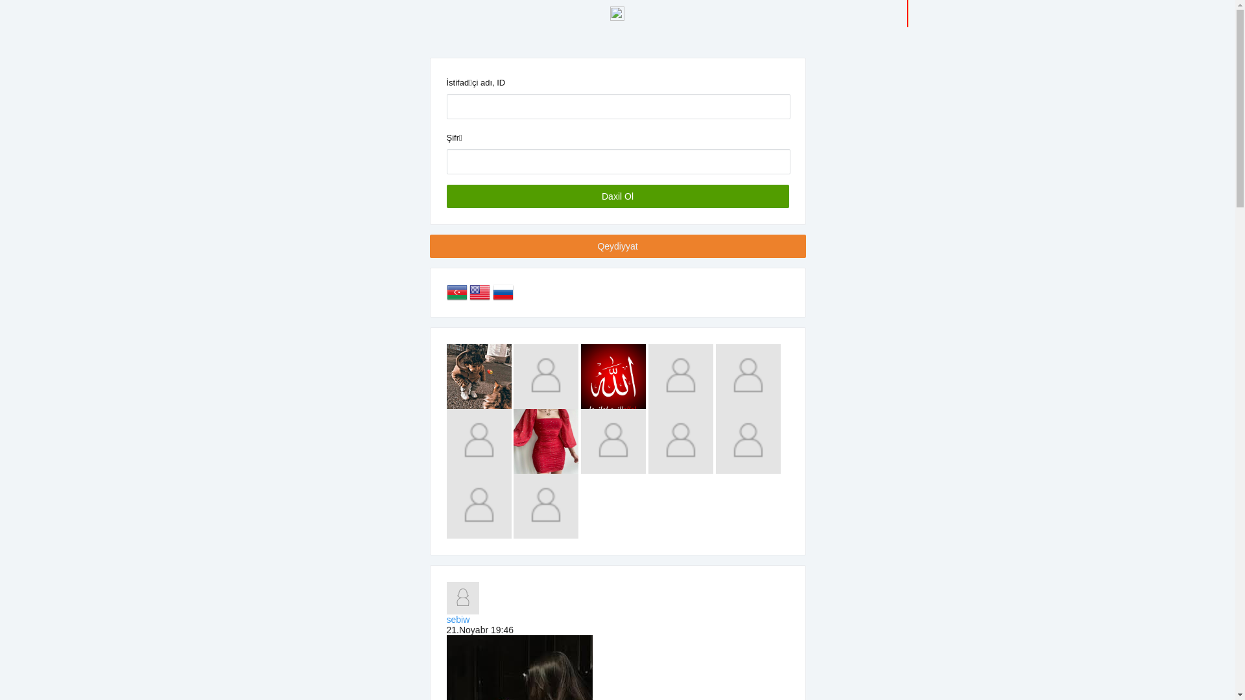 The height and width of the screenshot is (700, 1245). I want to click on 'Qeydiyyat', so click(616, 246).